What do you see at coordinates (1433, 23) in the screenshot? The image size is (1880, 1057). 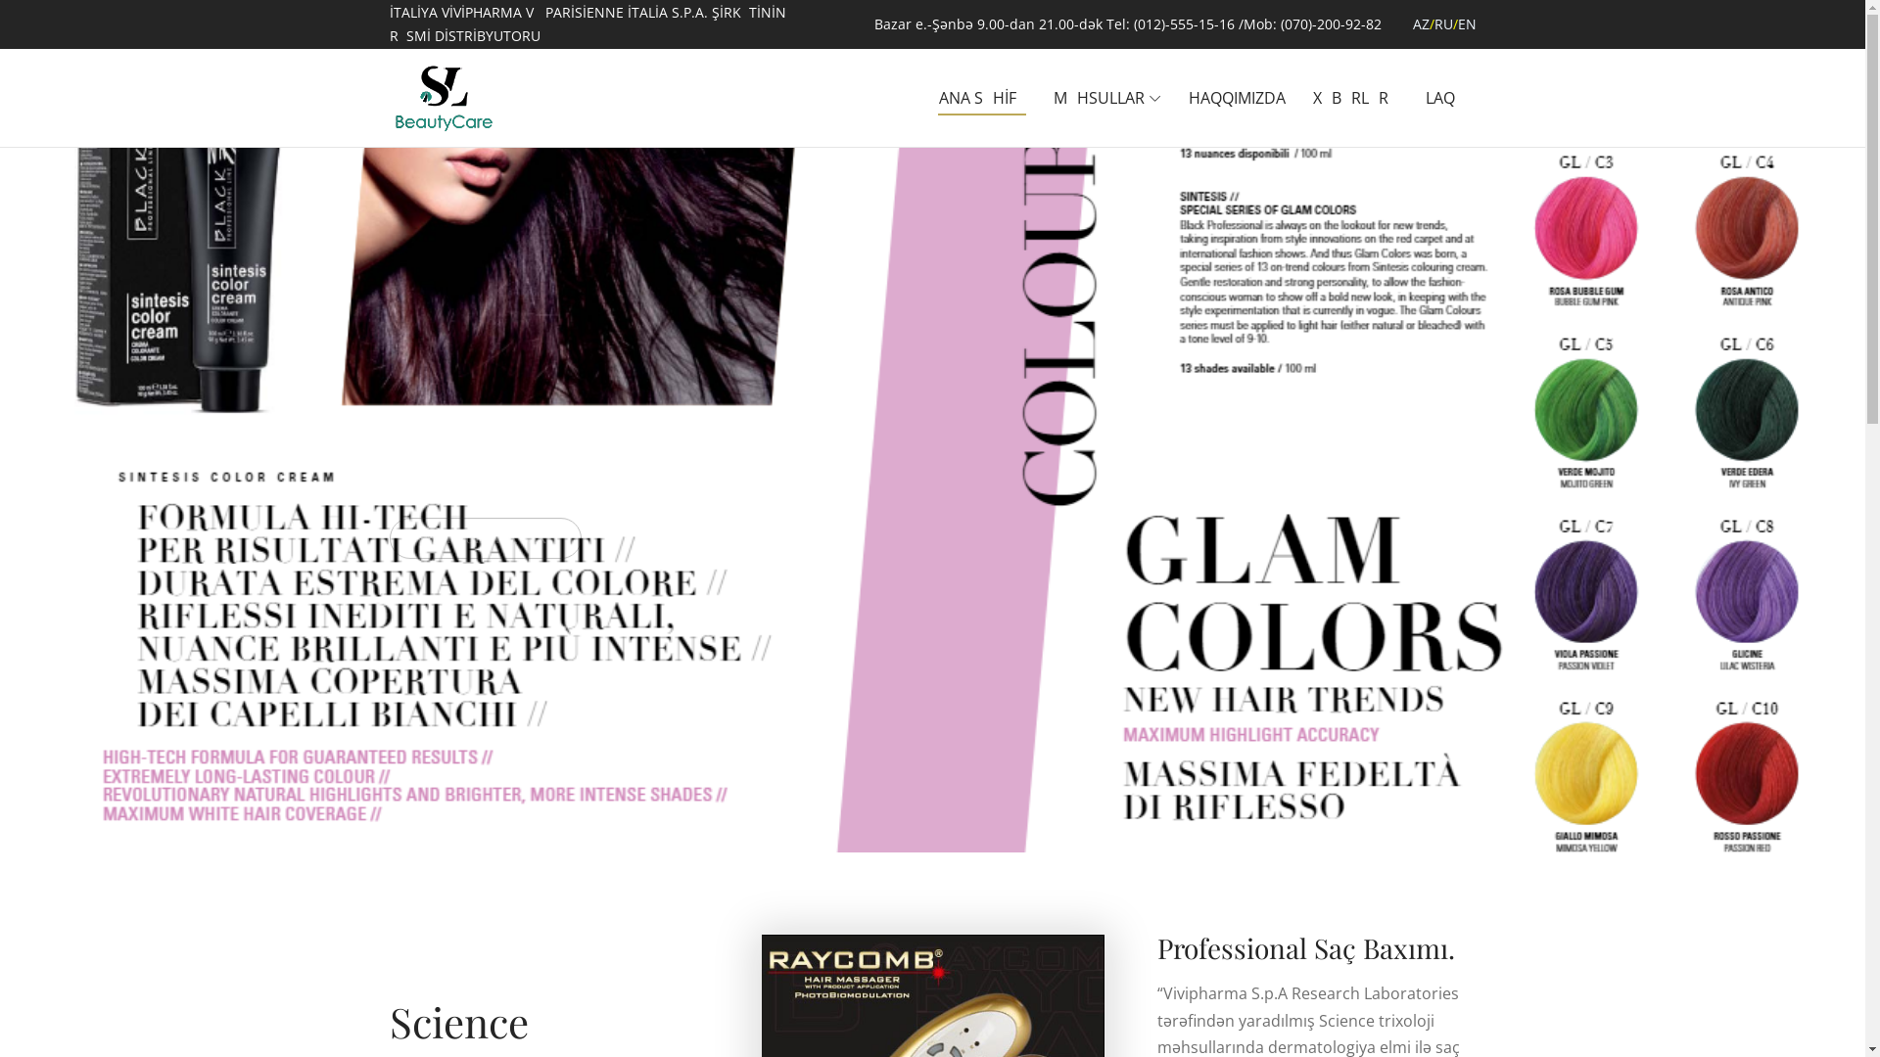 I see `'RU'` at bounding box center [1433, 23].